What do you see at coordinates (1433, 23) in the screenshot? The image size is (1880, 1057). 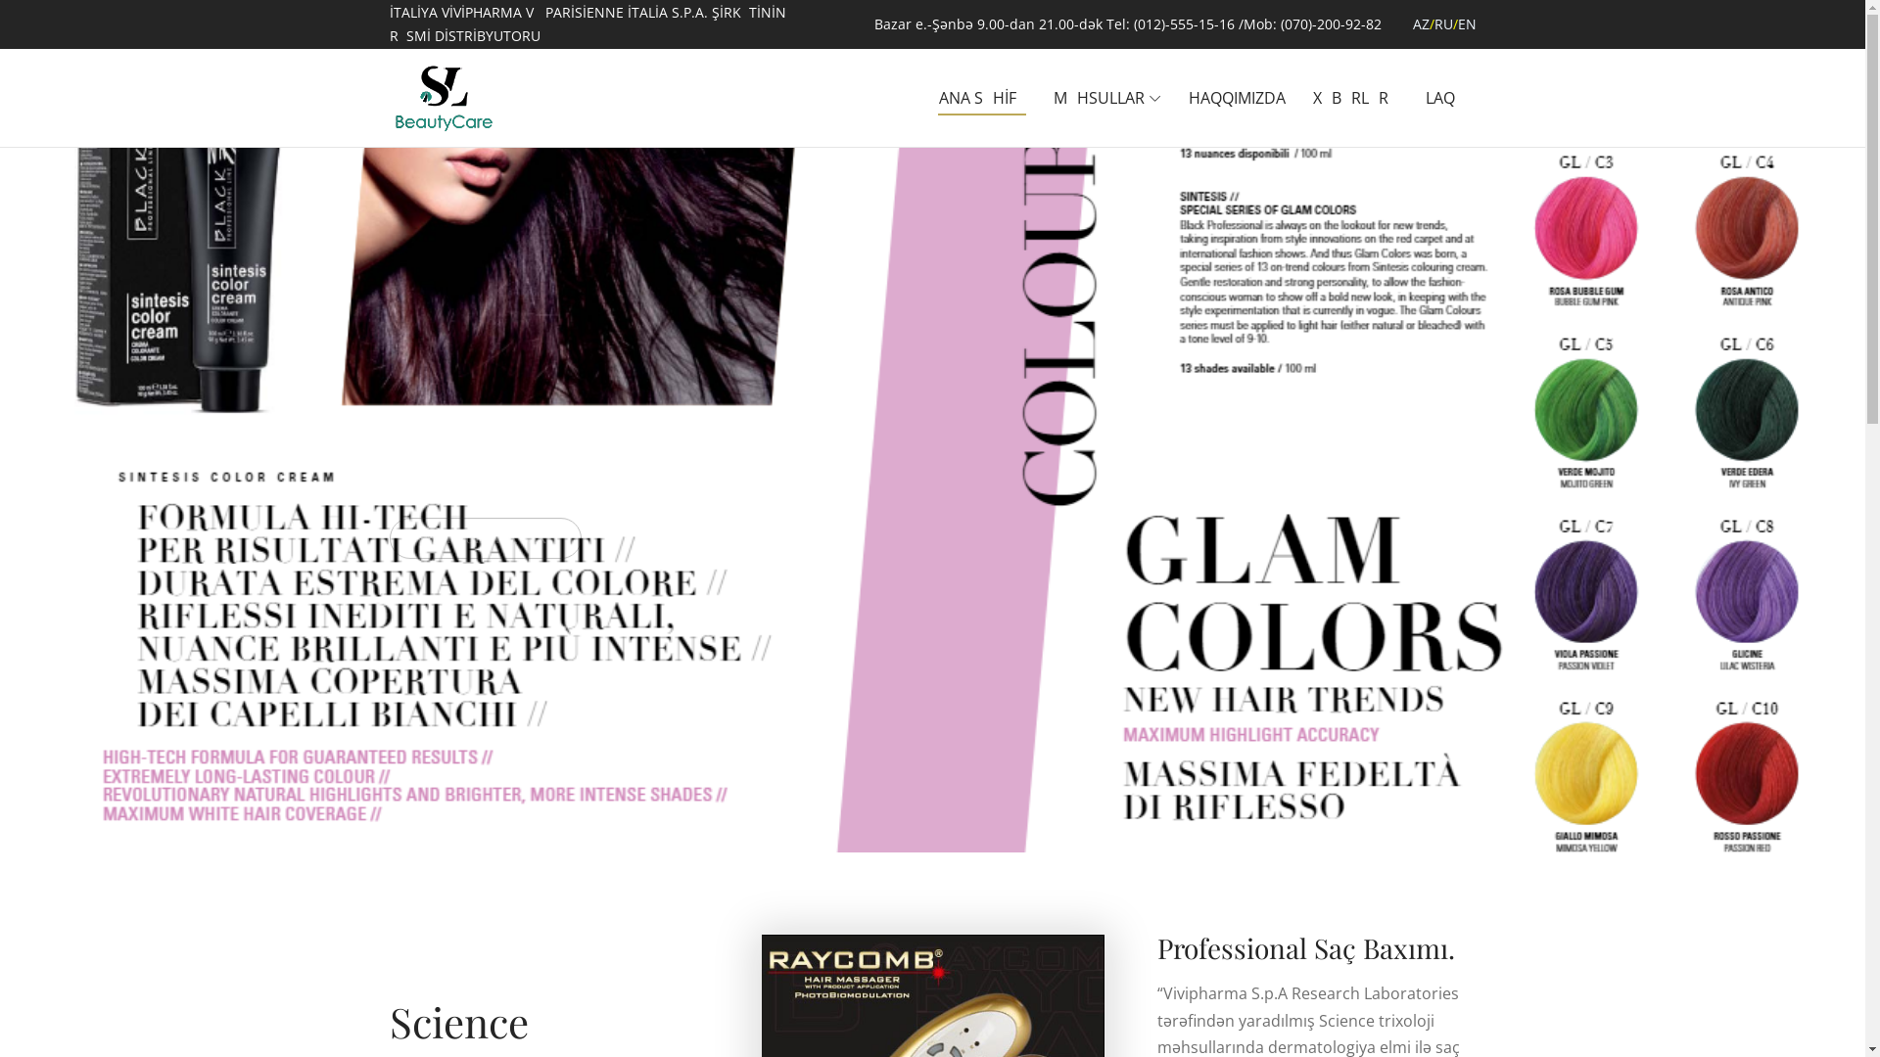 I see `'RU'` at bounding box center [1433, 23].